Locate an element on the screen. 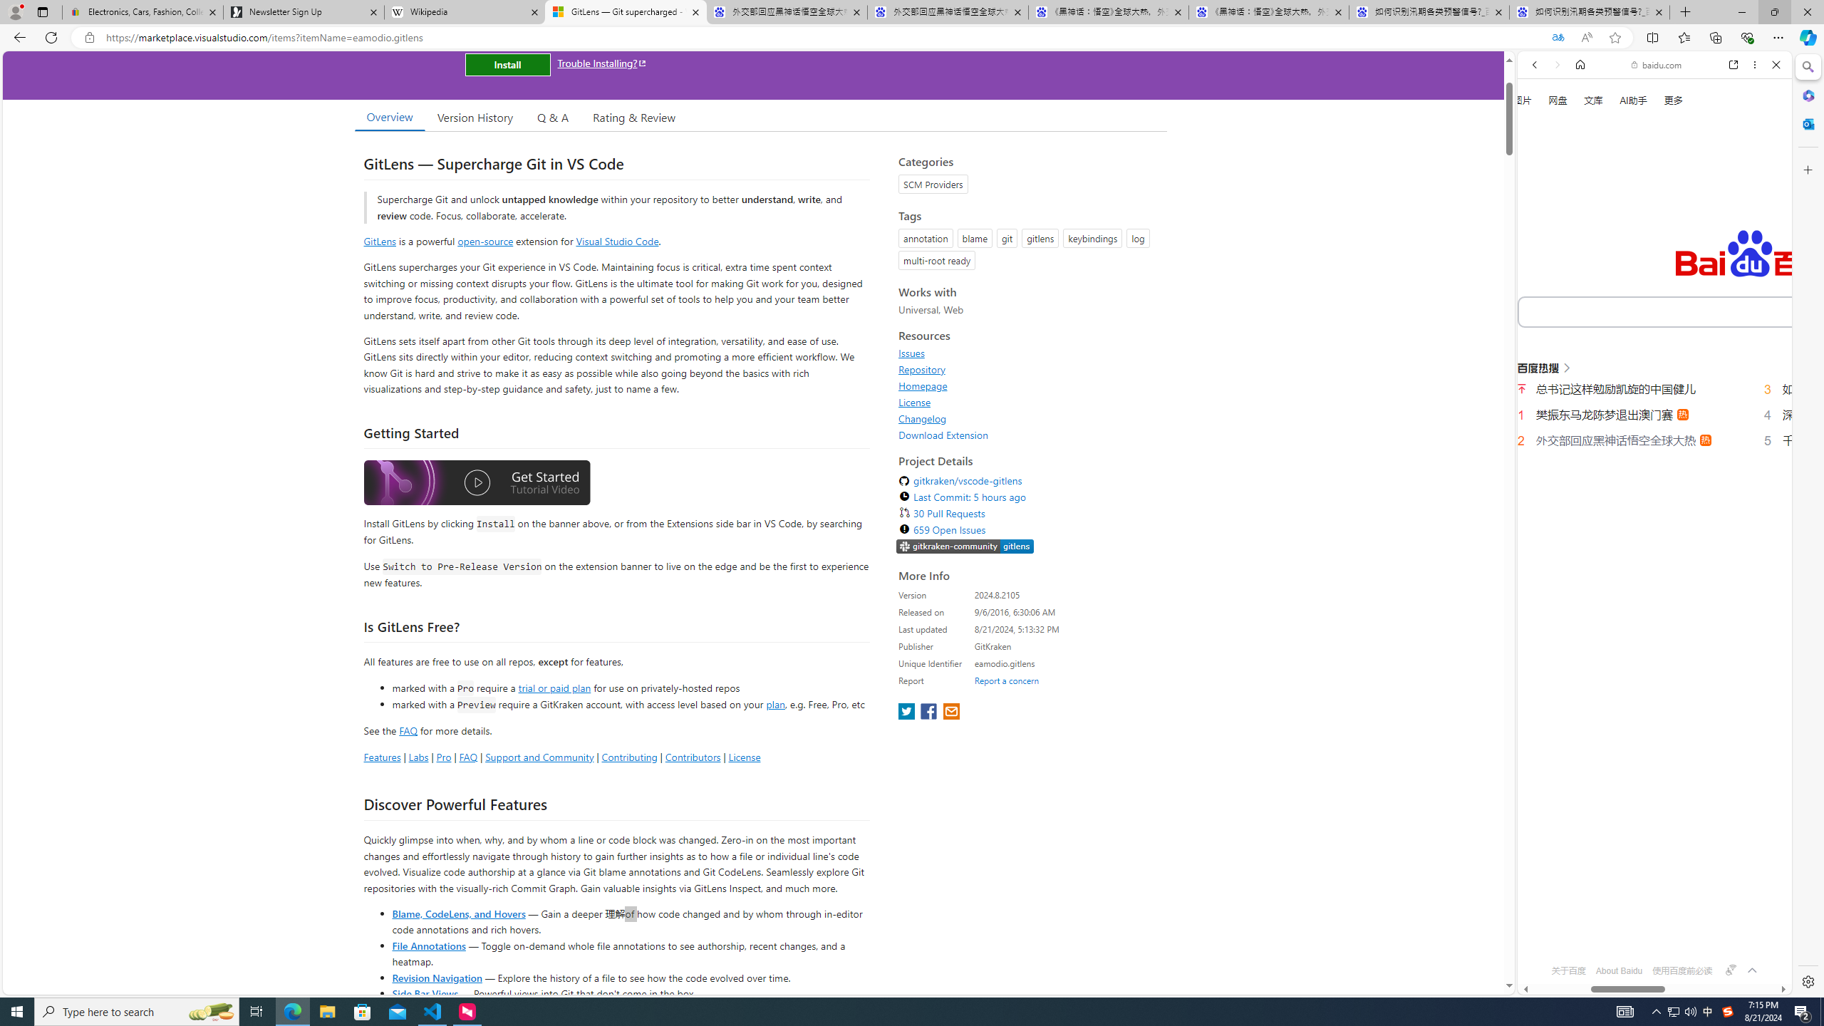  'License' is located at coordinates (914, 401).